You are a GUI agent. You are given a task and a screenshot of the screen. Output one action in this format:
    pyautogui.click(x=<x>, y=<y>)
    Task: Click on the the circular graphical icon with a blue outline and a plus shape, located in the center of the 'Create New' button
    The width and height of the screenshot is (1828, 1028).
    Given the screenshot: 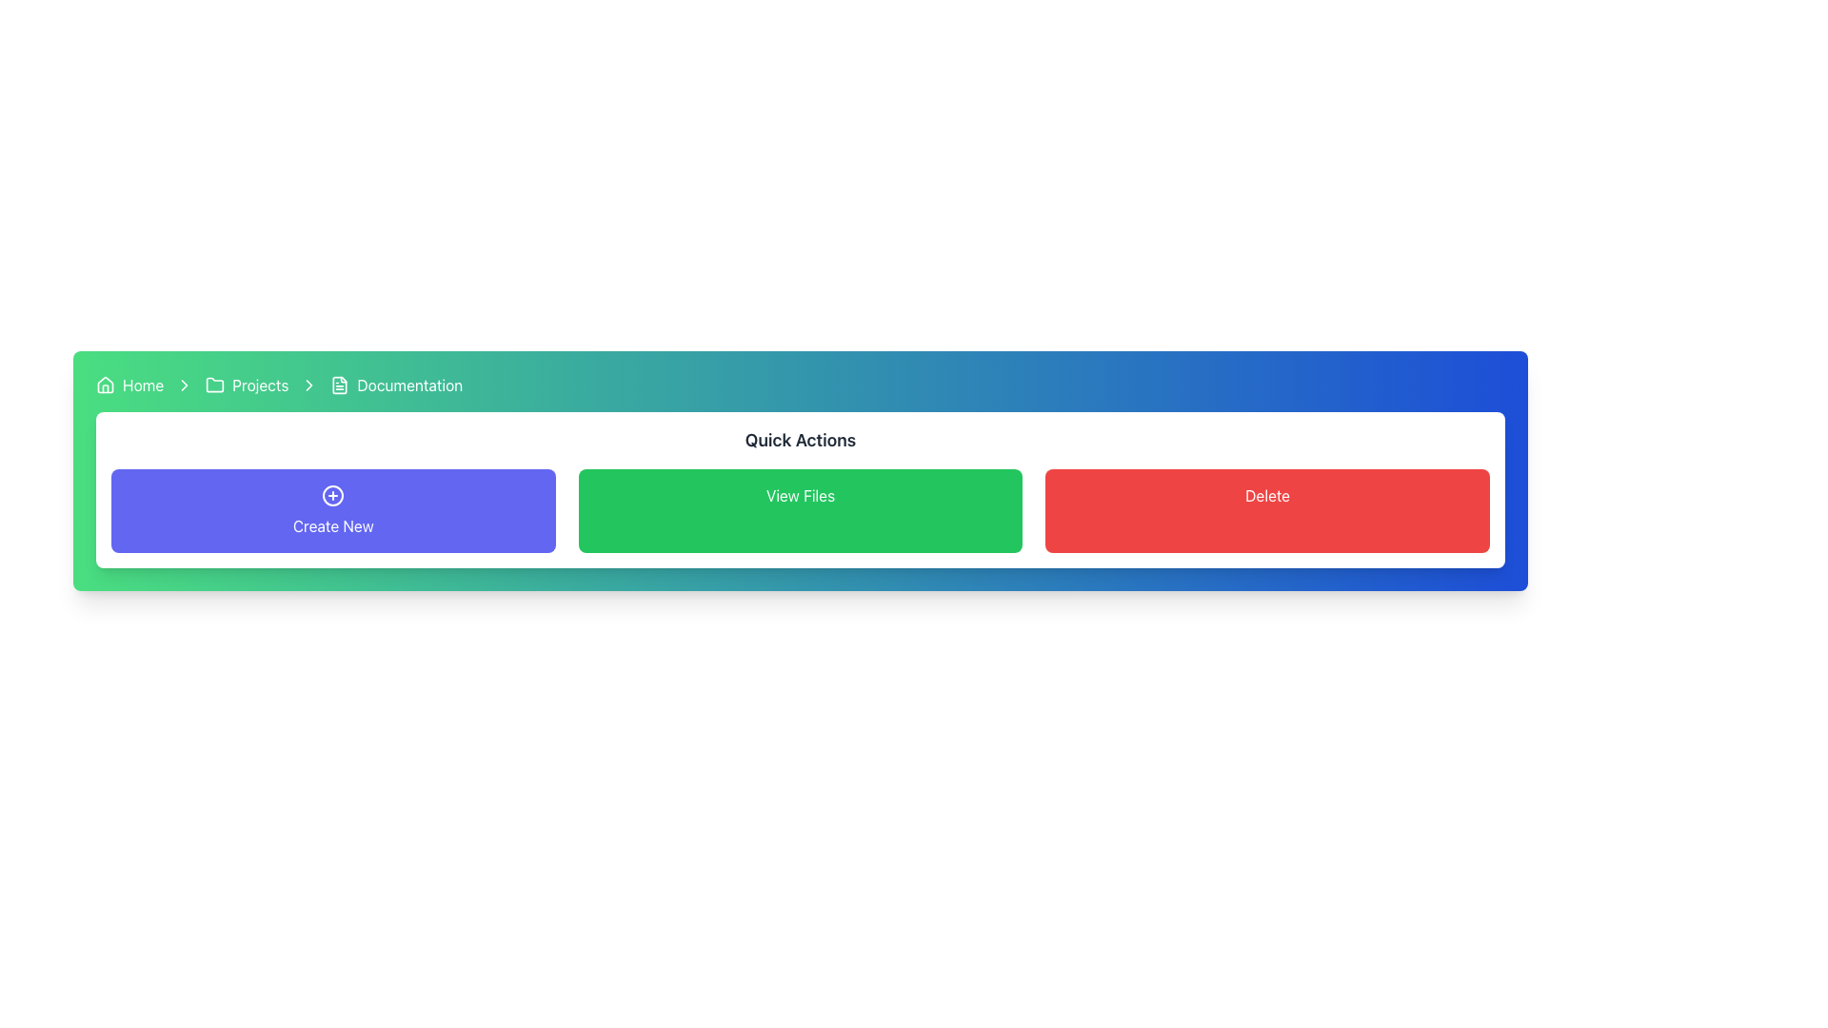 What is the action you would take?
    pyautogui.click(x=333, y=494)
    